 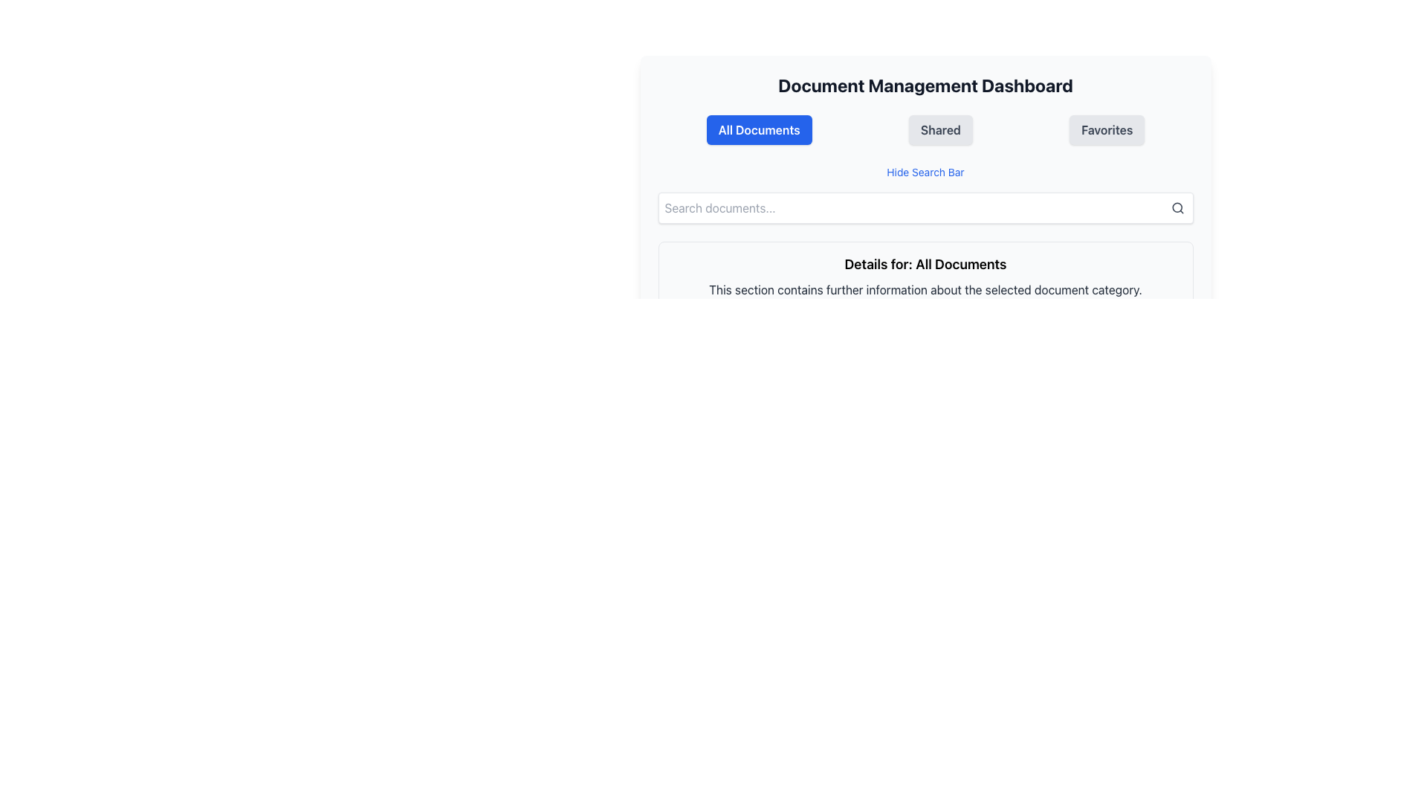 What do you see at coordinates (1107, 129) in the screenshot?
I see `the 'Favorites' button that switches the displayed content to show only documents marked as favorites for accessibility navigation` at bounding box center [1107, 129].